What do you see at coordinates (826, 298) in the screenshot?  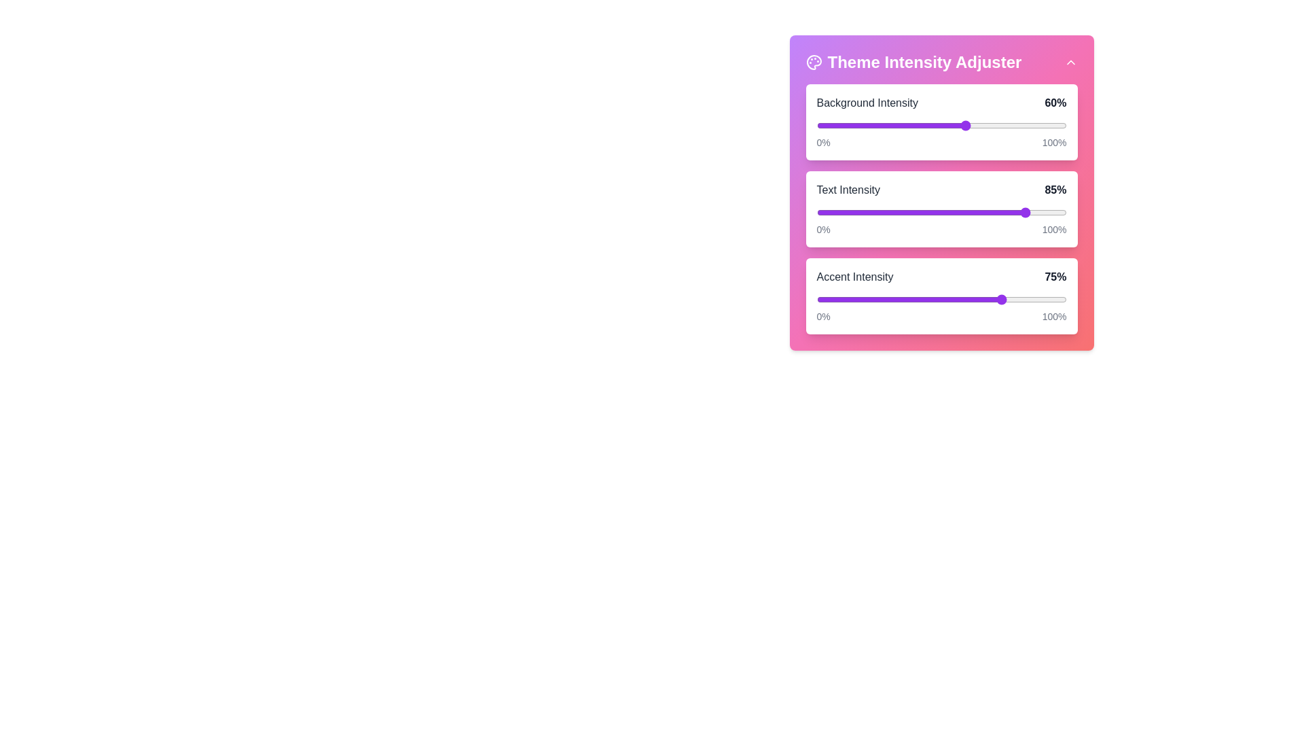 I see `the accent intensity` at bounding box center [826, 298].